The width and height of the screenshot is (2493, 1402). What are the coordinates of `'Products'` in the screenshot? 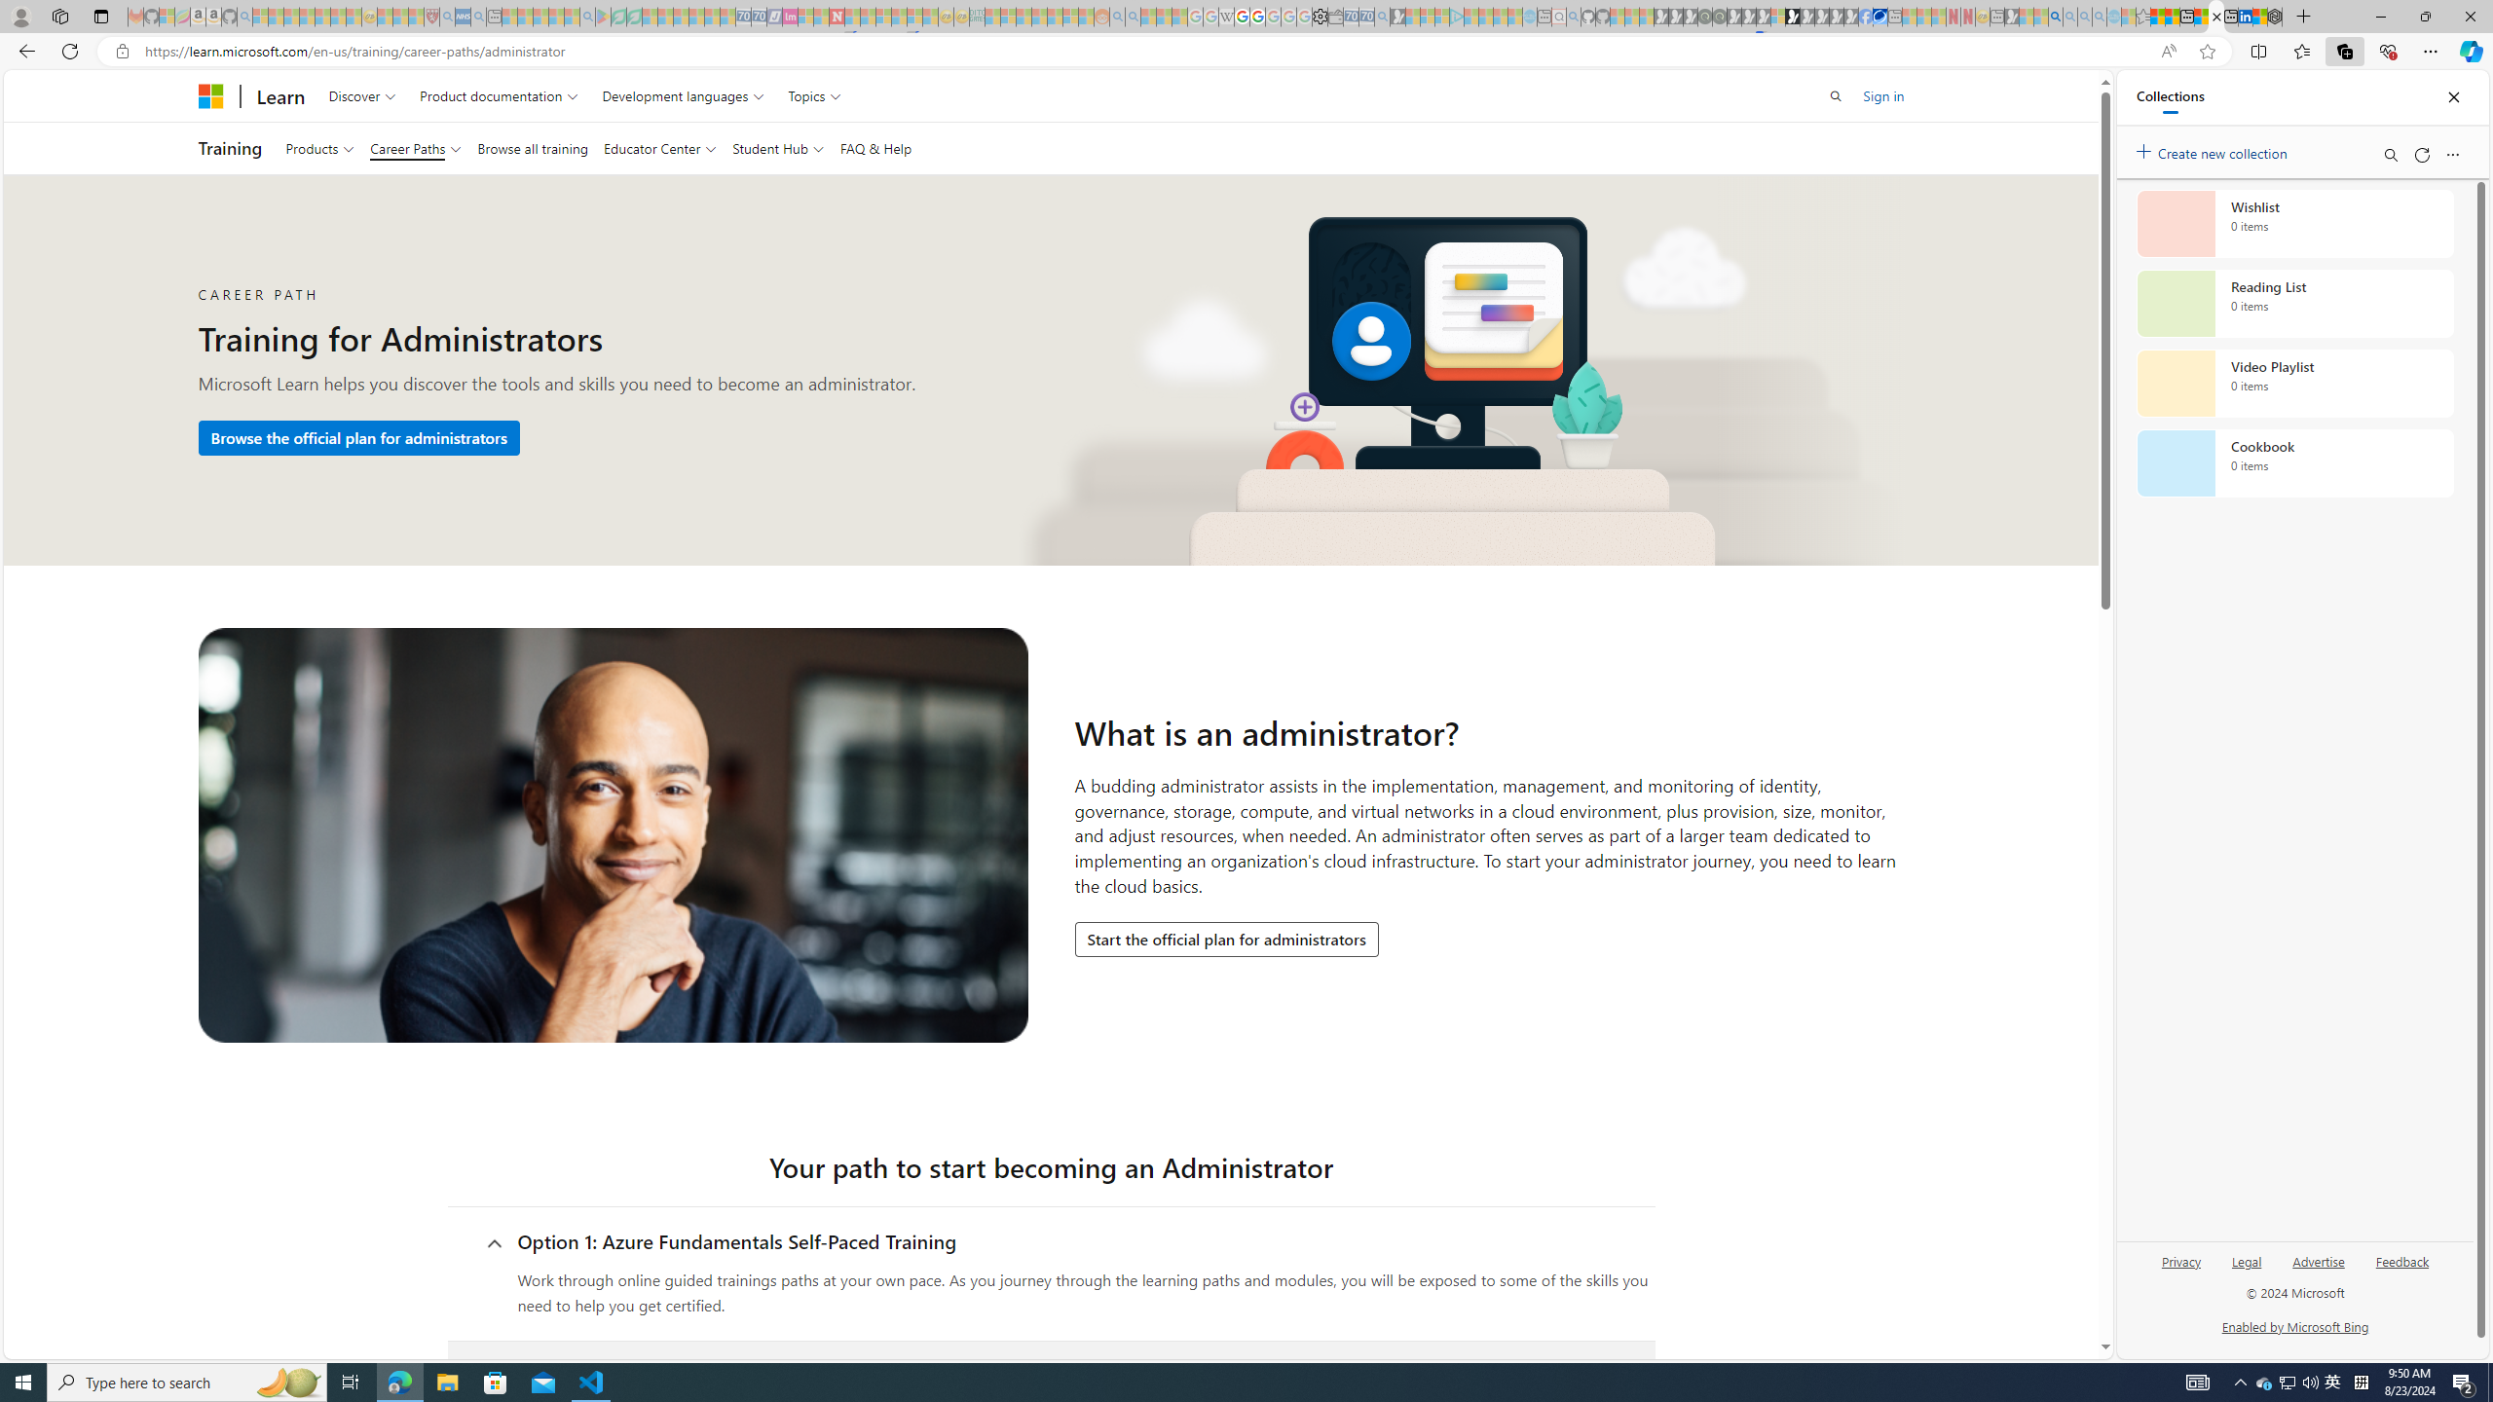 It's located at (318, 148).